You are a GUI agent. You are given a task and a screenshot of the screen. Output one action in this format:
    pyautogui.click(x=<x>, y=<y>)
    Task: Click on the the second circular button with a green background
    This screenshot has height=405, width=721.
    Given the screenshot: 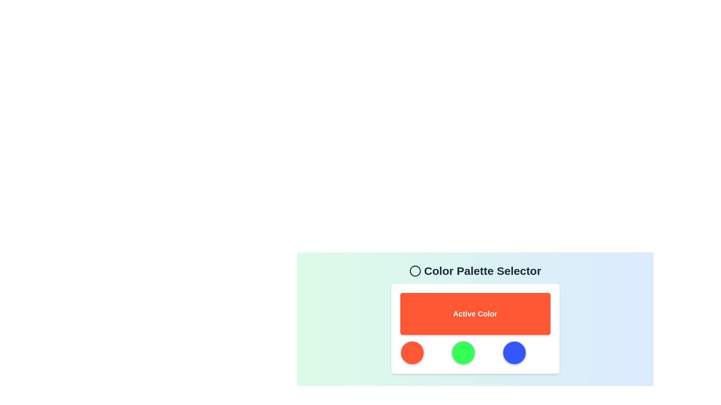 What is the action you would take?
    pyautogui.click(x=463, y=353)
    